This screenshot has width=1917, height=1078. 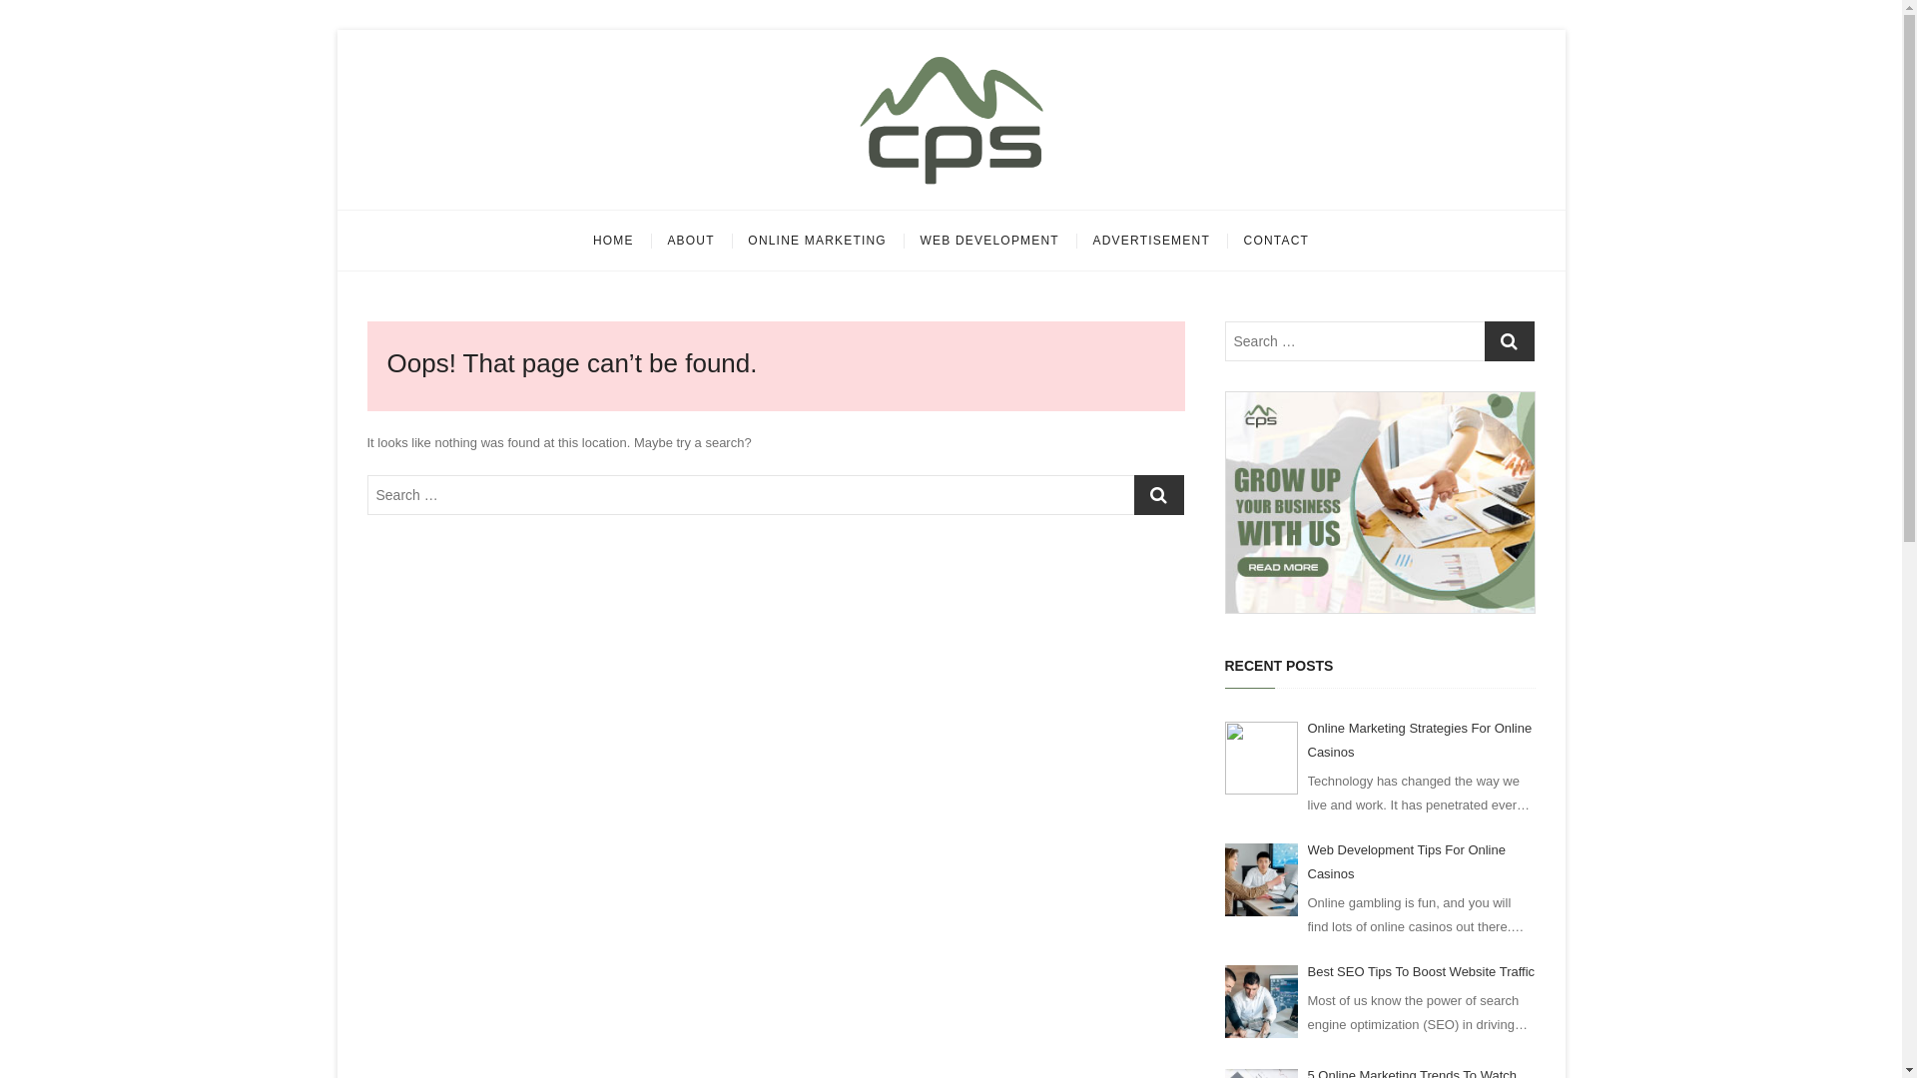 I want to click on 'ADVERTISEMENT', so click(x=1151, y=239).